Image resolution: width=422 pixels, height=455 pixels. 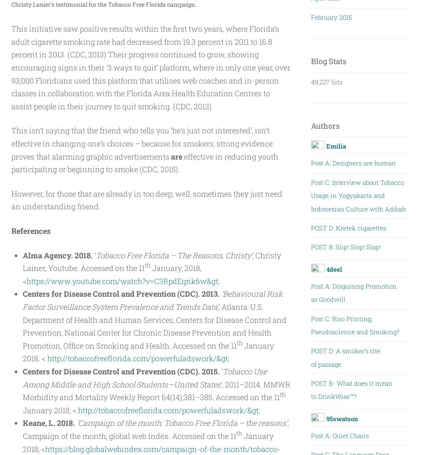 I want to click on '’, 2011–2014. MMWR Morbidity and Mortality Weekly Report 64(14);381–385. Accessed on the 11', so click(x=156, y=390).